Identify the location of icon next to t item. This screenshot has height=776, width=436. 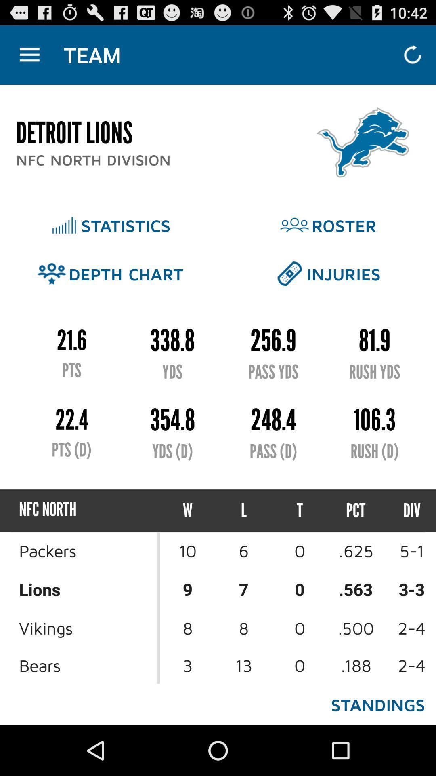
(355, 510).